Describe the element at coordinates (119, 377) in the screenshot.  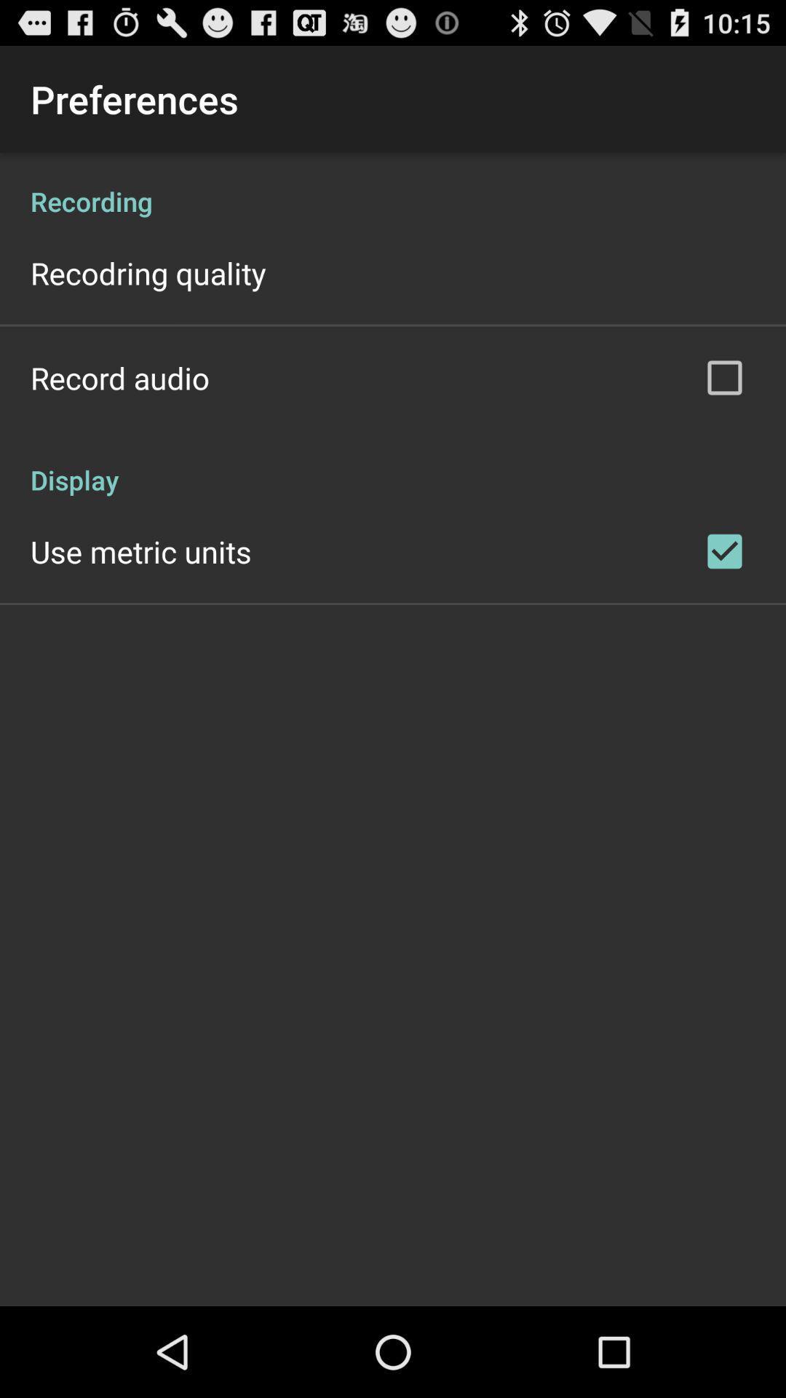
I see `icon above the display app` at that location.